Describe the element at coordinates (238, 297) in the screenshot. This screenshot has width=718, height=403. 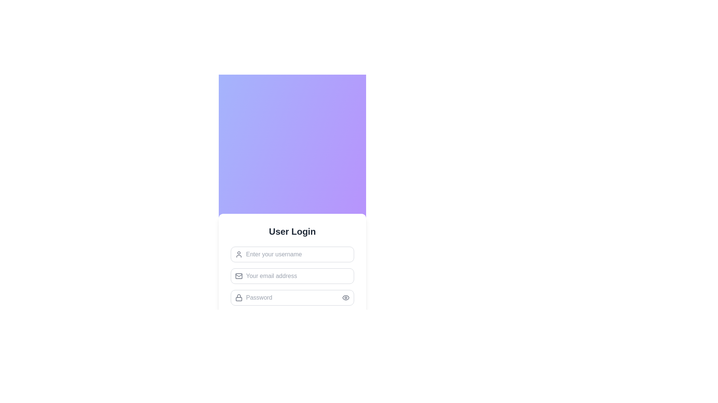
I see `the lock icon, which is a monochrome outline in grey located on the left side of the password field, adjacent to the placeholder text 'Password'` at that location.